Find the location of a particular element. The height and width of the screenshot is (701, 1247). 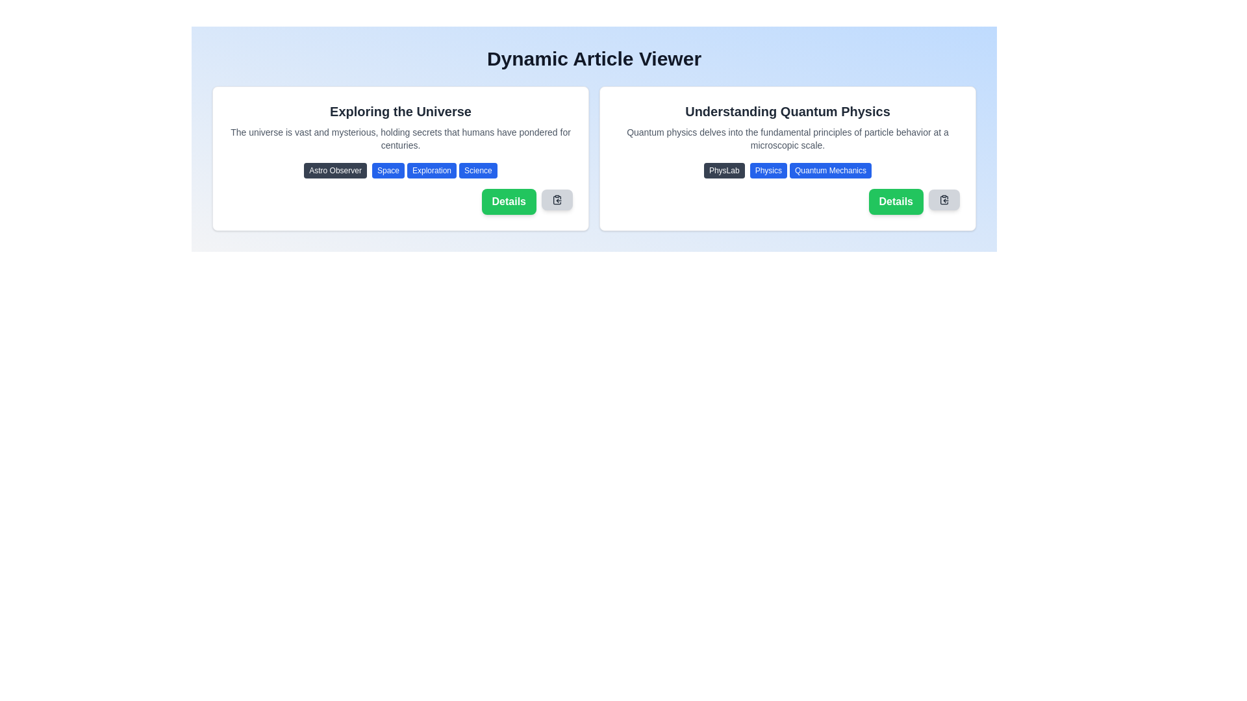

the call-to-action button located at the bottom-right corner of the card for the article titled 'Exploring the Universe' is located at coordinates (508, 202).